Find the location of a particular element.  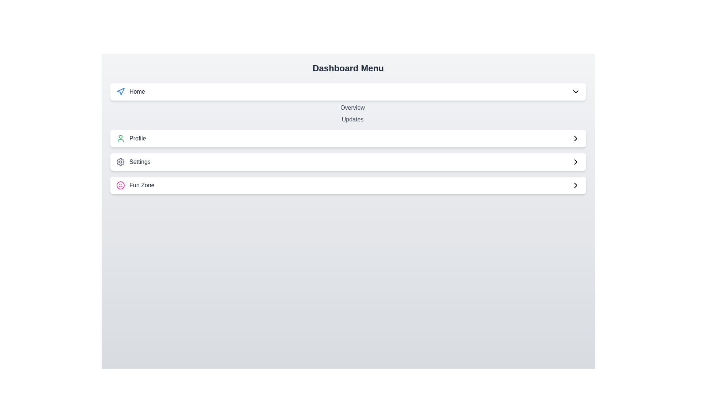

the profile icon located in the second row of the sidebar menu, positioned to the left of the text label 'Profile.' is located at coordinates (121, 138).